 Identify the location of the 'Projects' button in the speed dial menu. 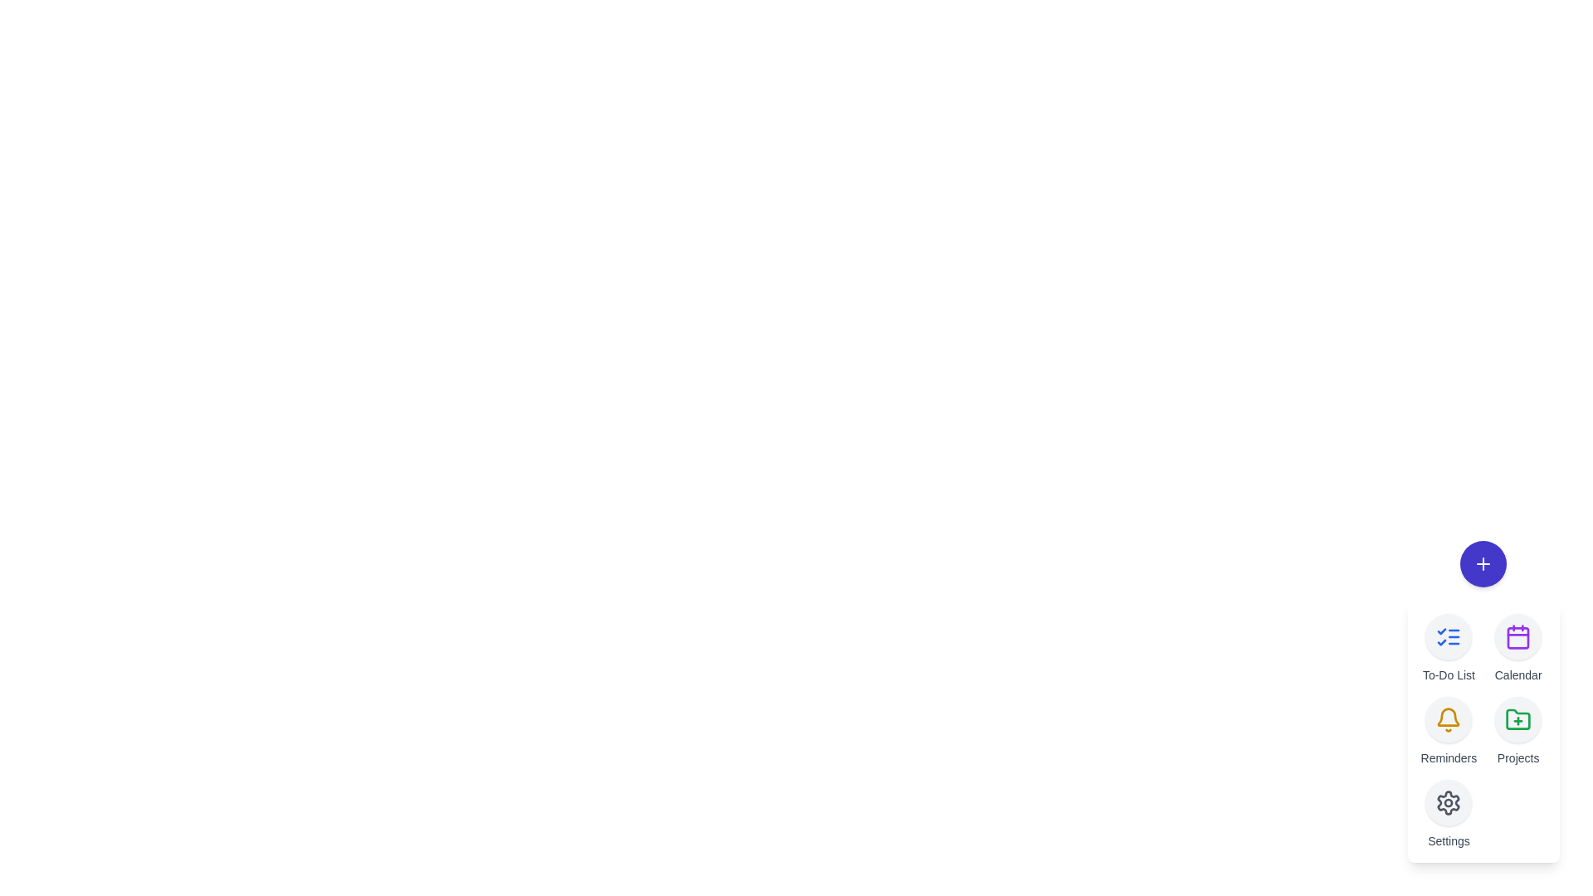
(1517, 718).